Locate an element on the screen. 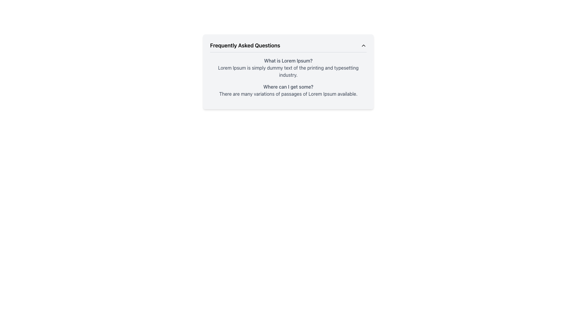 This screenshot has width=569, height=320. the title text of the FAQ entry, which serves as the question for the information below, centrally aligned within the FAQ section is located at coordinates (288, 60).